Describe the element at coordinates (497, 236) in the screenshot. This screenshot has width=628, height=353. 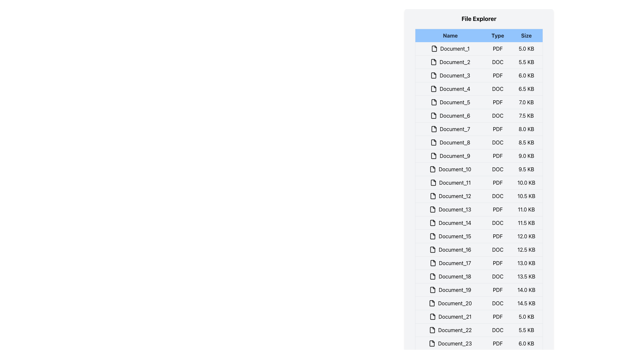
I see `the 'PDF' text label in the 'Type' column of the file explorer` at that location.